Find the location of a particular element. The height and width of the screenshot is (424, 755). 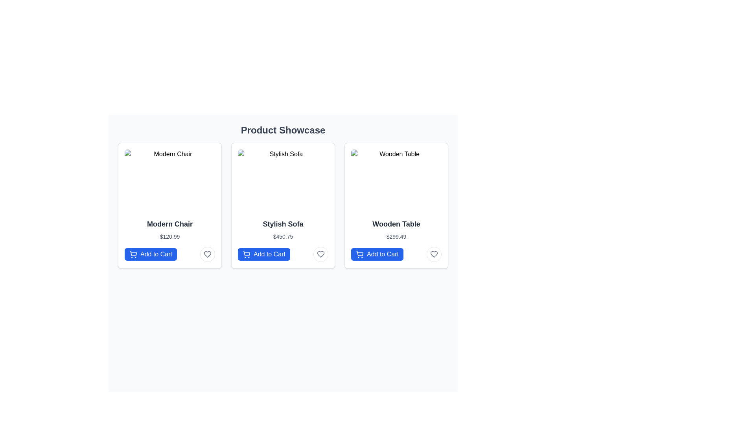

the text label or heading that serves as the title for the product section, located at the top of the section is located at coordinates (283, 130).